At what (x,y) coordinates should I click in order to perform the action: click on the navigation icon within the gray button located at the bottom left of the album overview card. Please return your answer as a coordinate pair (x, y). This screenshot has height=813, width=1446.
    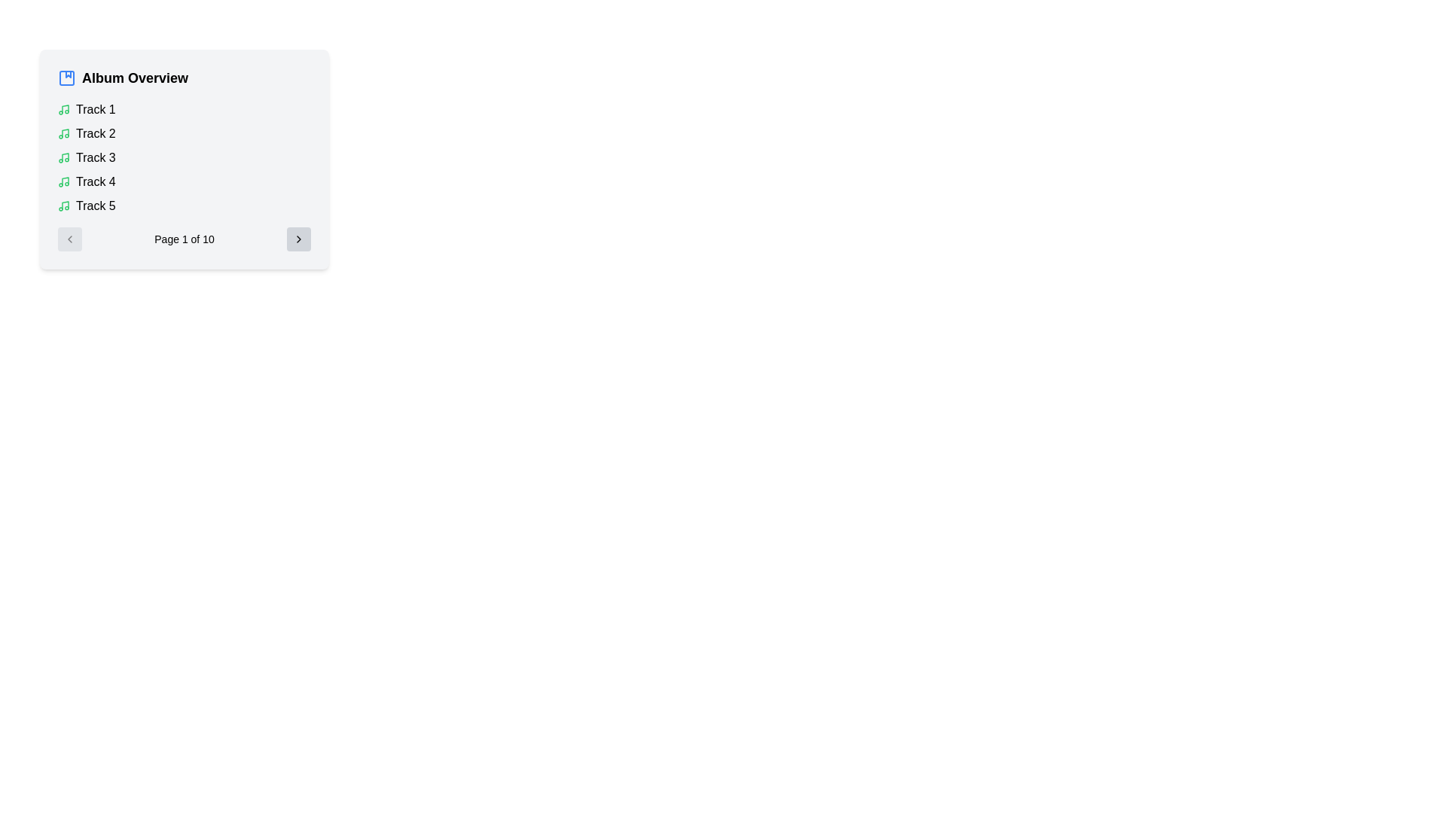
    Looking at the image, I should click on (69, 238).